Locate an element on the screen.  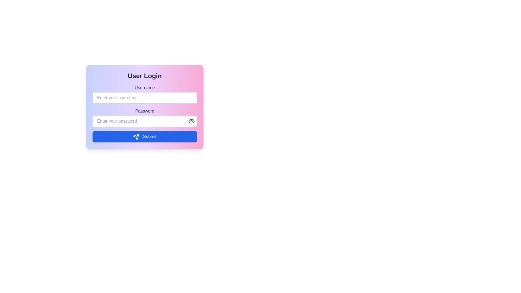
the small square button with a gray eye icon located to the right of the password input field is located at coordinates (191, 121).